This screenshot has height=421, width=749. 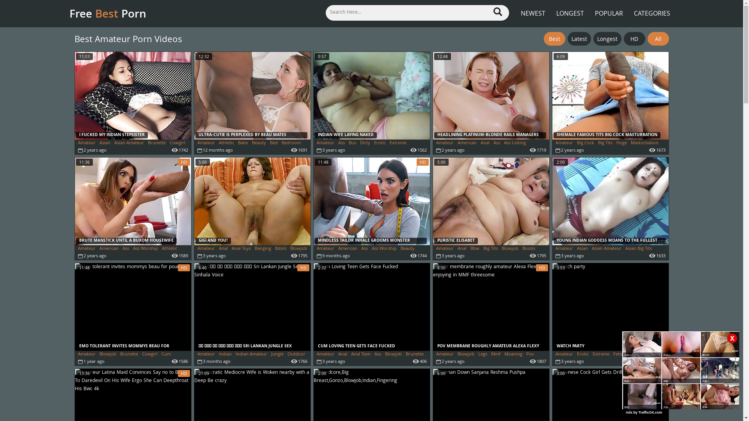 I want to click on 'Amateur', so click(x=87, y=354).